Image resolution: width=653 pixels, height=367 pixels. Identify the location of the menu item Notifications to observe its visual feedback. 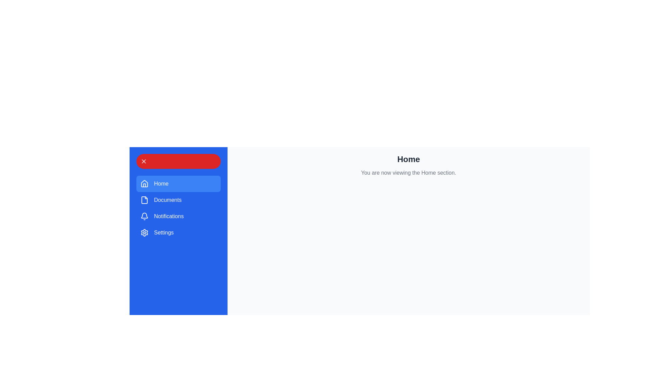
(178, 216).